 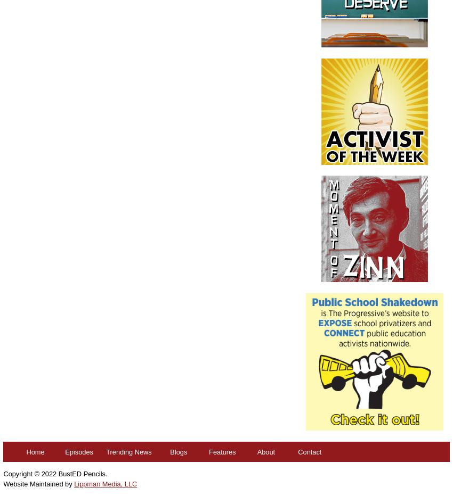 What do you see at coordinates (78, 451) in the screenshot?
I see `'Episodes'` at bounding box center [78, 451].